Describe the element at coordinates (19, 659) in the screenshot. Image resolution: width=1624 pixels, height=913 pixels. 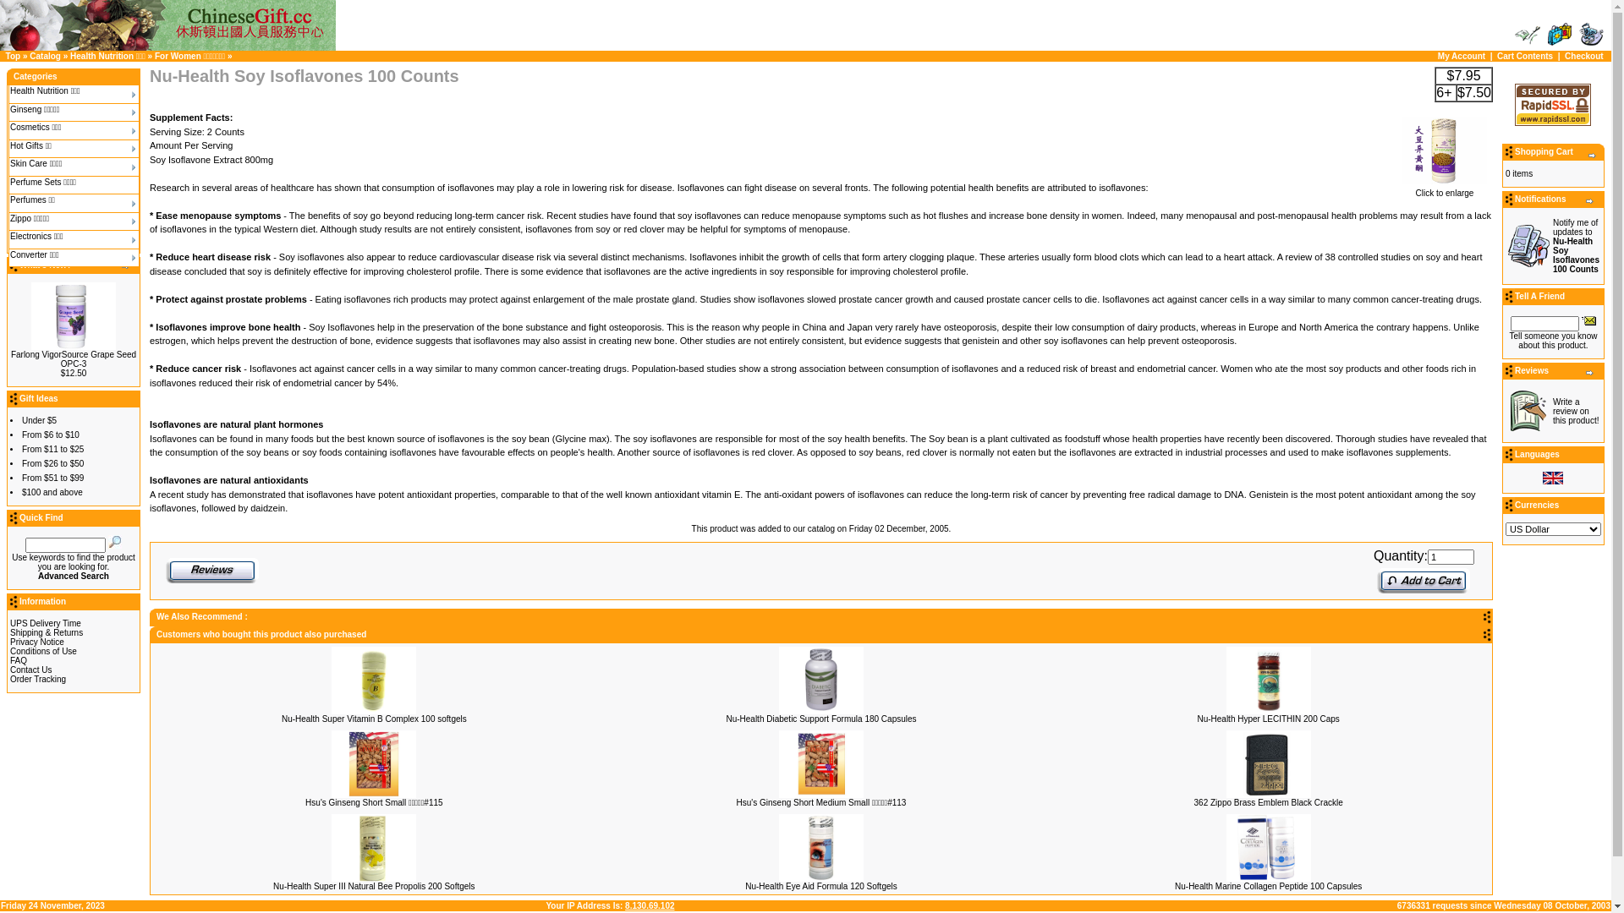
I see `'FAQ'` at that location.